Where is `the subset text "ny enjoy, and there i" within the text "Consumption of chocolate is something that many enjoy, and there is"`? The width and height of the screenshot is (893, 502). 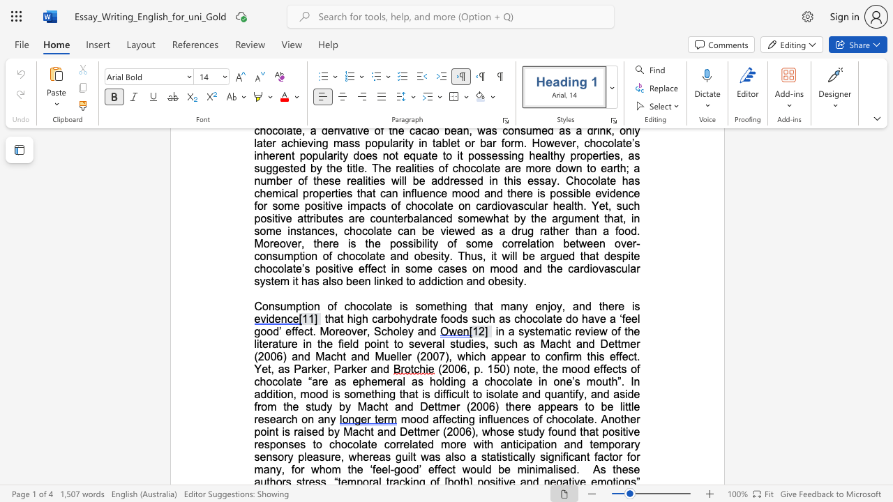 the subset text "ny enjoy, and there i" within the text "Consumption of chocolate is something that many enjoy, and there is" is located at coordinates (515, 305).